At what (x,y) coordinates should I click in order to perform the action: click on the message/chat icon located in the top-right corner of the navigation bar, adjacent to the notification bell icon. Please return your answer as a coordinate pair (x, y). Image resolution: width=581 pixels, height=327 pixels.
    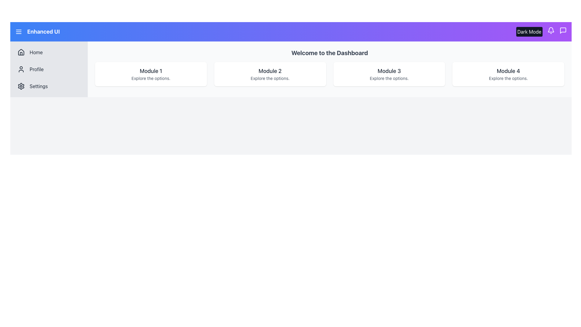
    Looking at the image, I should click on (563, 30).